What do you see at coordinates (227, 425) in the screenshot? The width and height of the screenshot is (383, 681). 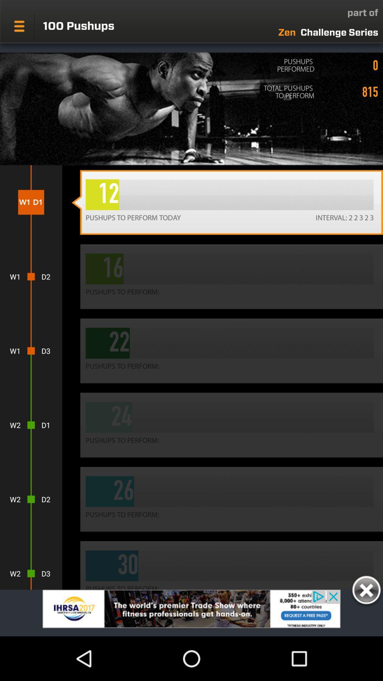 I see `the fourth button below 22` at bounding box center [227, 425].